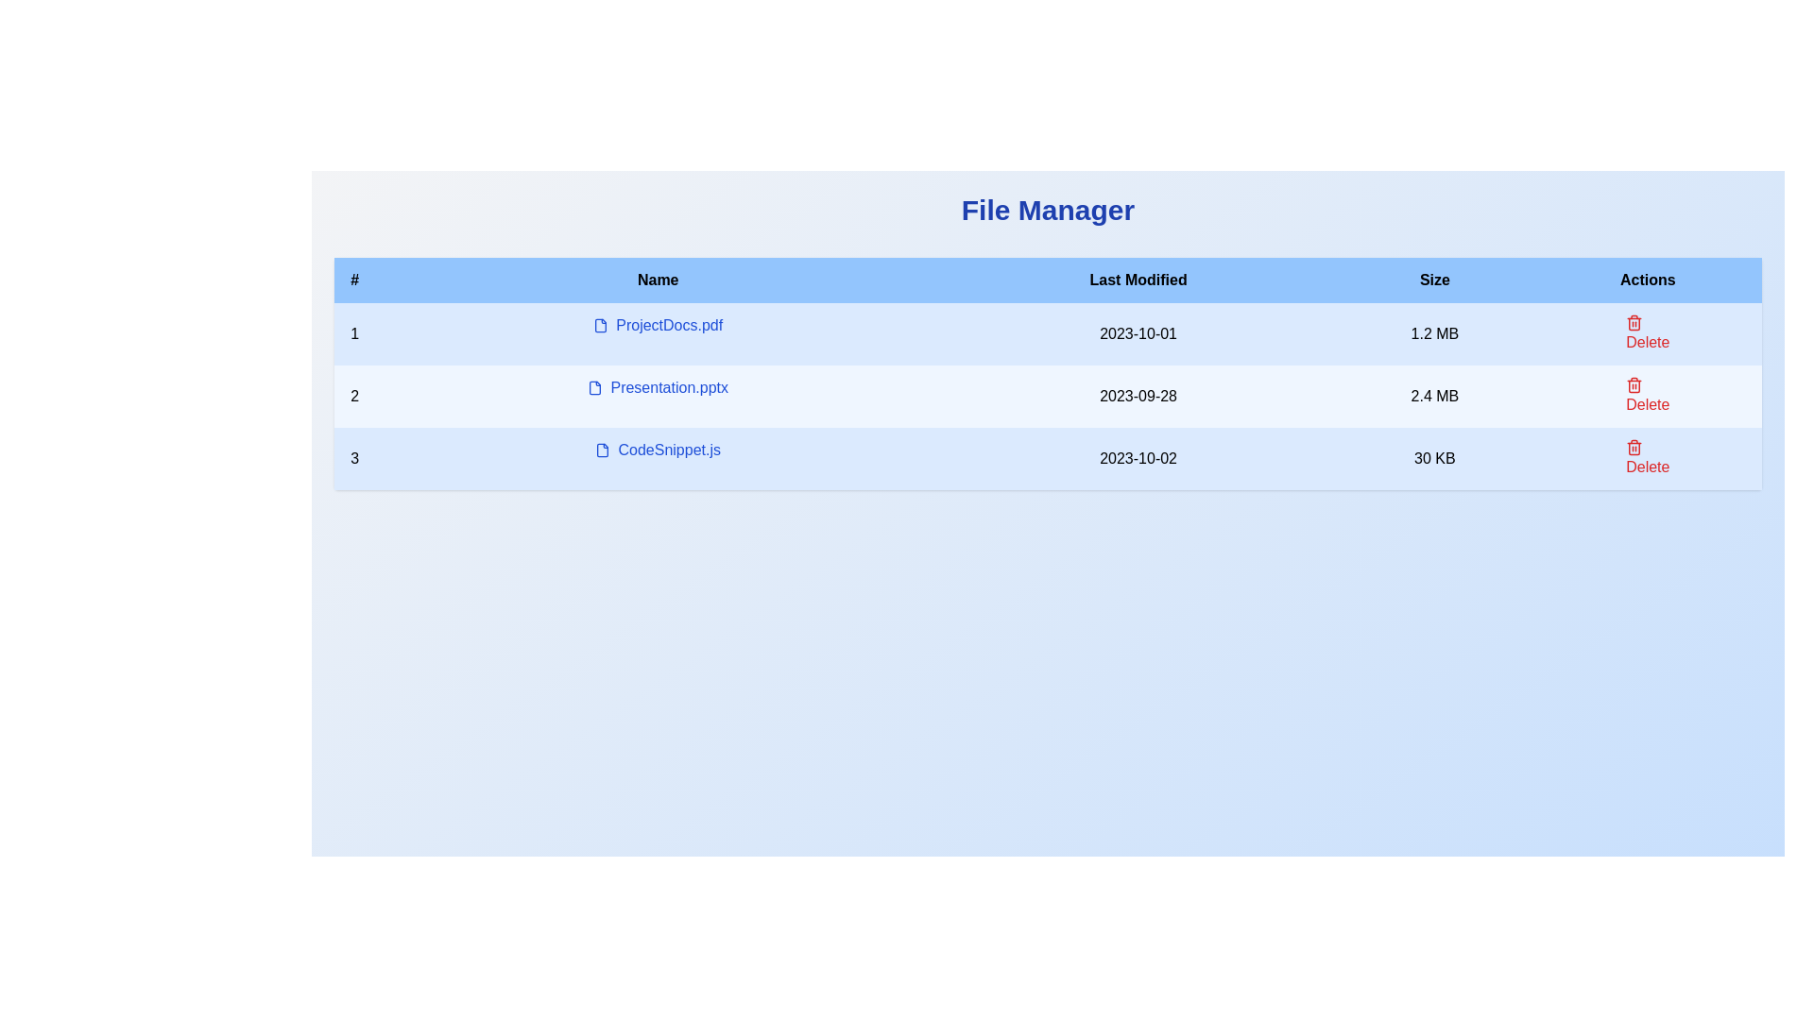 This screenshot has width=1814, height=1020. I want to click on the text node displaying the last modification date for the file 'CodeSnippet.js' located in the 'Last Modified' column of the third row in the table, so click(1138, 459).